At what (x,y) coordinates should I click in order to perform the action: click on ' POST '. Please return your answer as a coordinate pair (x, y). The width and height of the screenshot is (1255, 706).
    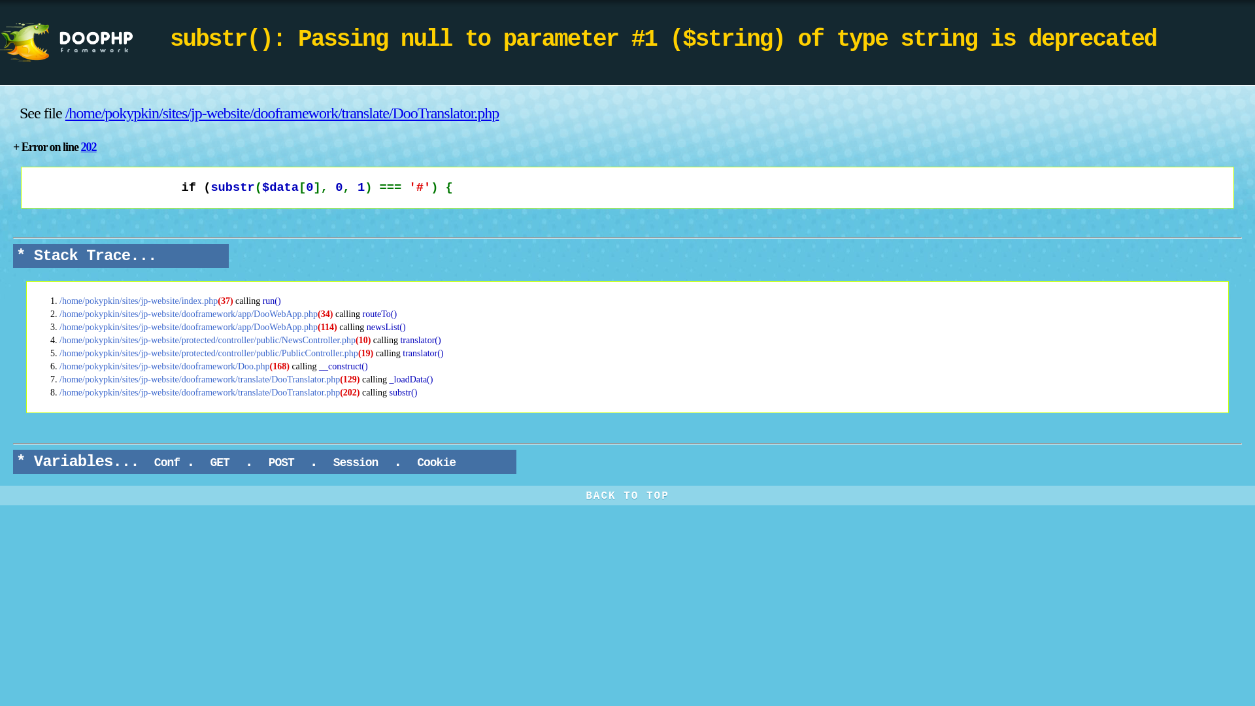
    Looking at the image, I should click on (280, 462).